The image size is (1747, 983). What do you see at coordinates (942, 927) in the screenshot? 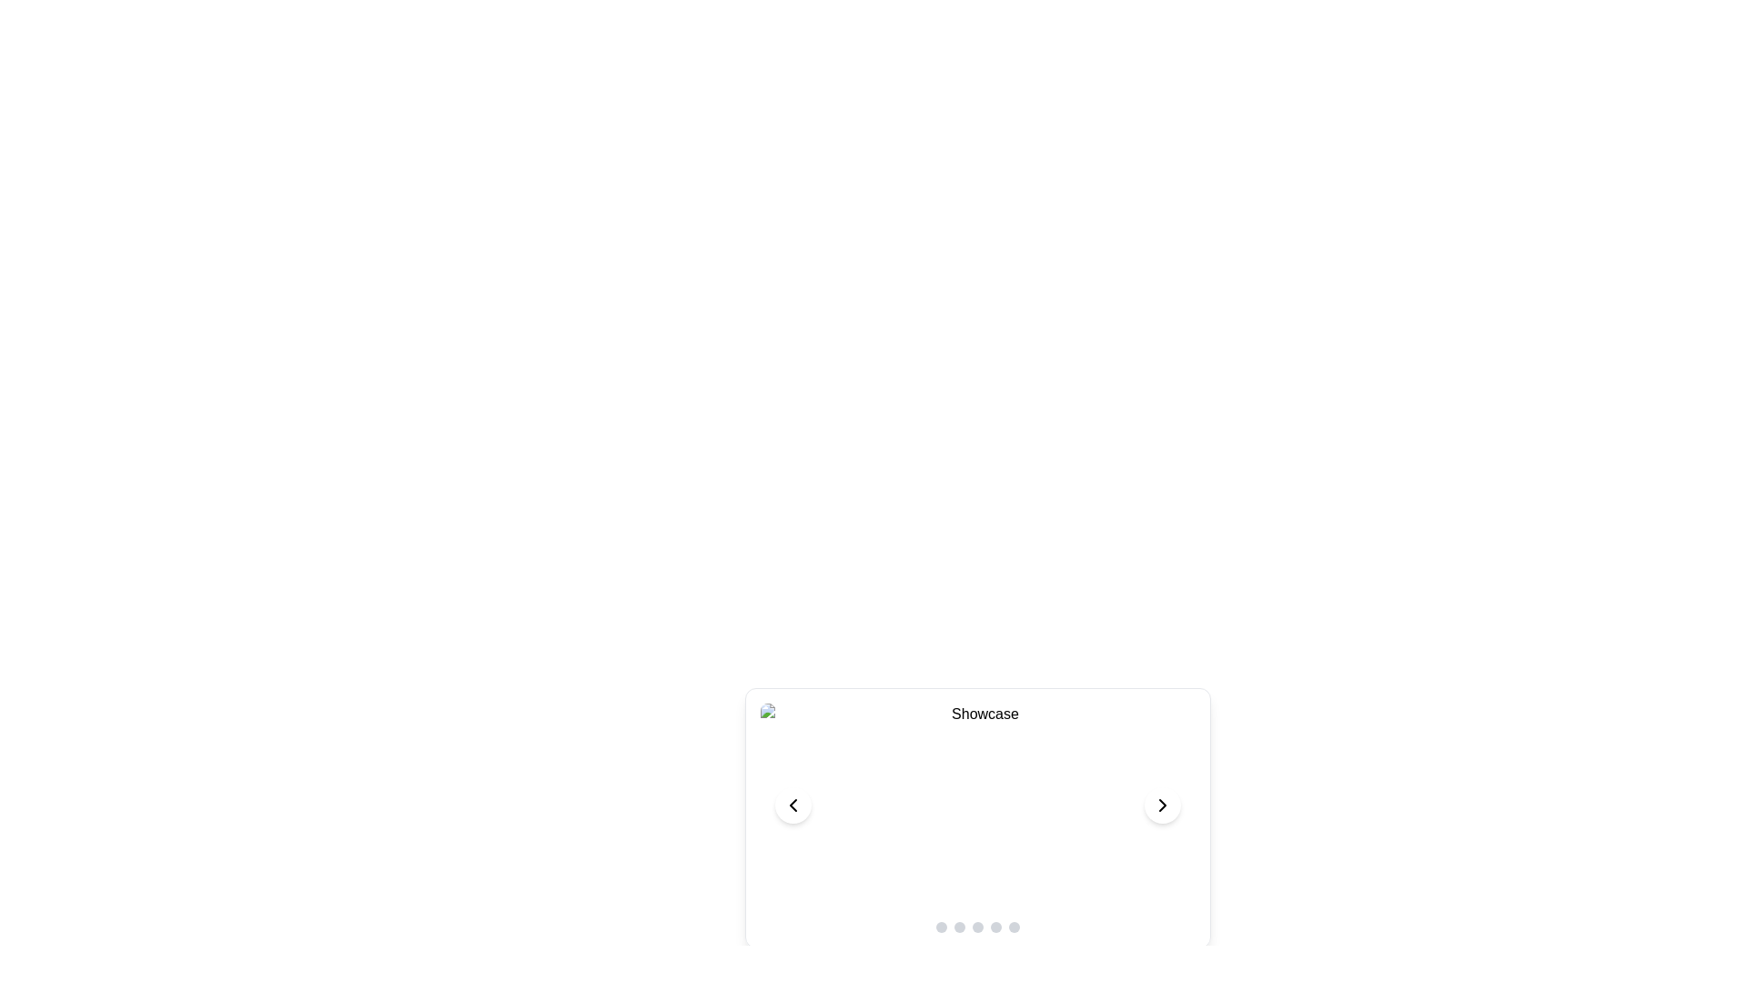
I see `the first circular interactive indicator dot in the group of five dots located at the bottom-center below the 'Showcase' slideshow component` at bounding box center [942, 927].